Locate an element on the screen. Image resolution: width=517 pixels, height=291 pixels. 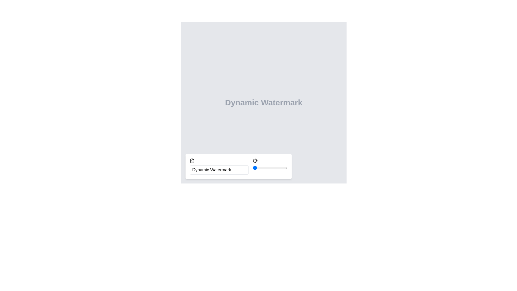
rotation angle is located at coordinates (270, 168).